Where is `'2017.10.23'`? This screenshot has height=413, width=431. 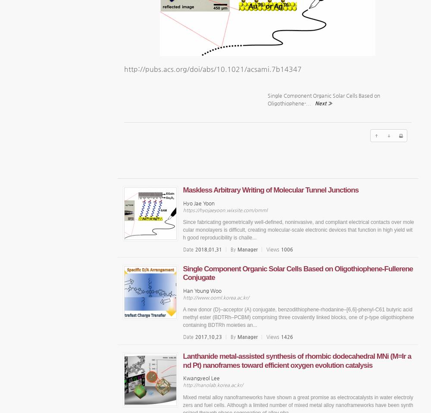
'2017.10.23' is located at coordinates (194, 337).